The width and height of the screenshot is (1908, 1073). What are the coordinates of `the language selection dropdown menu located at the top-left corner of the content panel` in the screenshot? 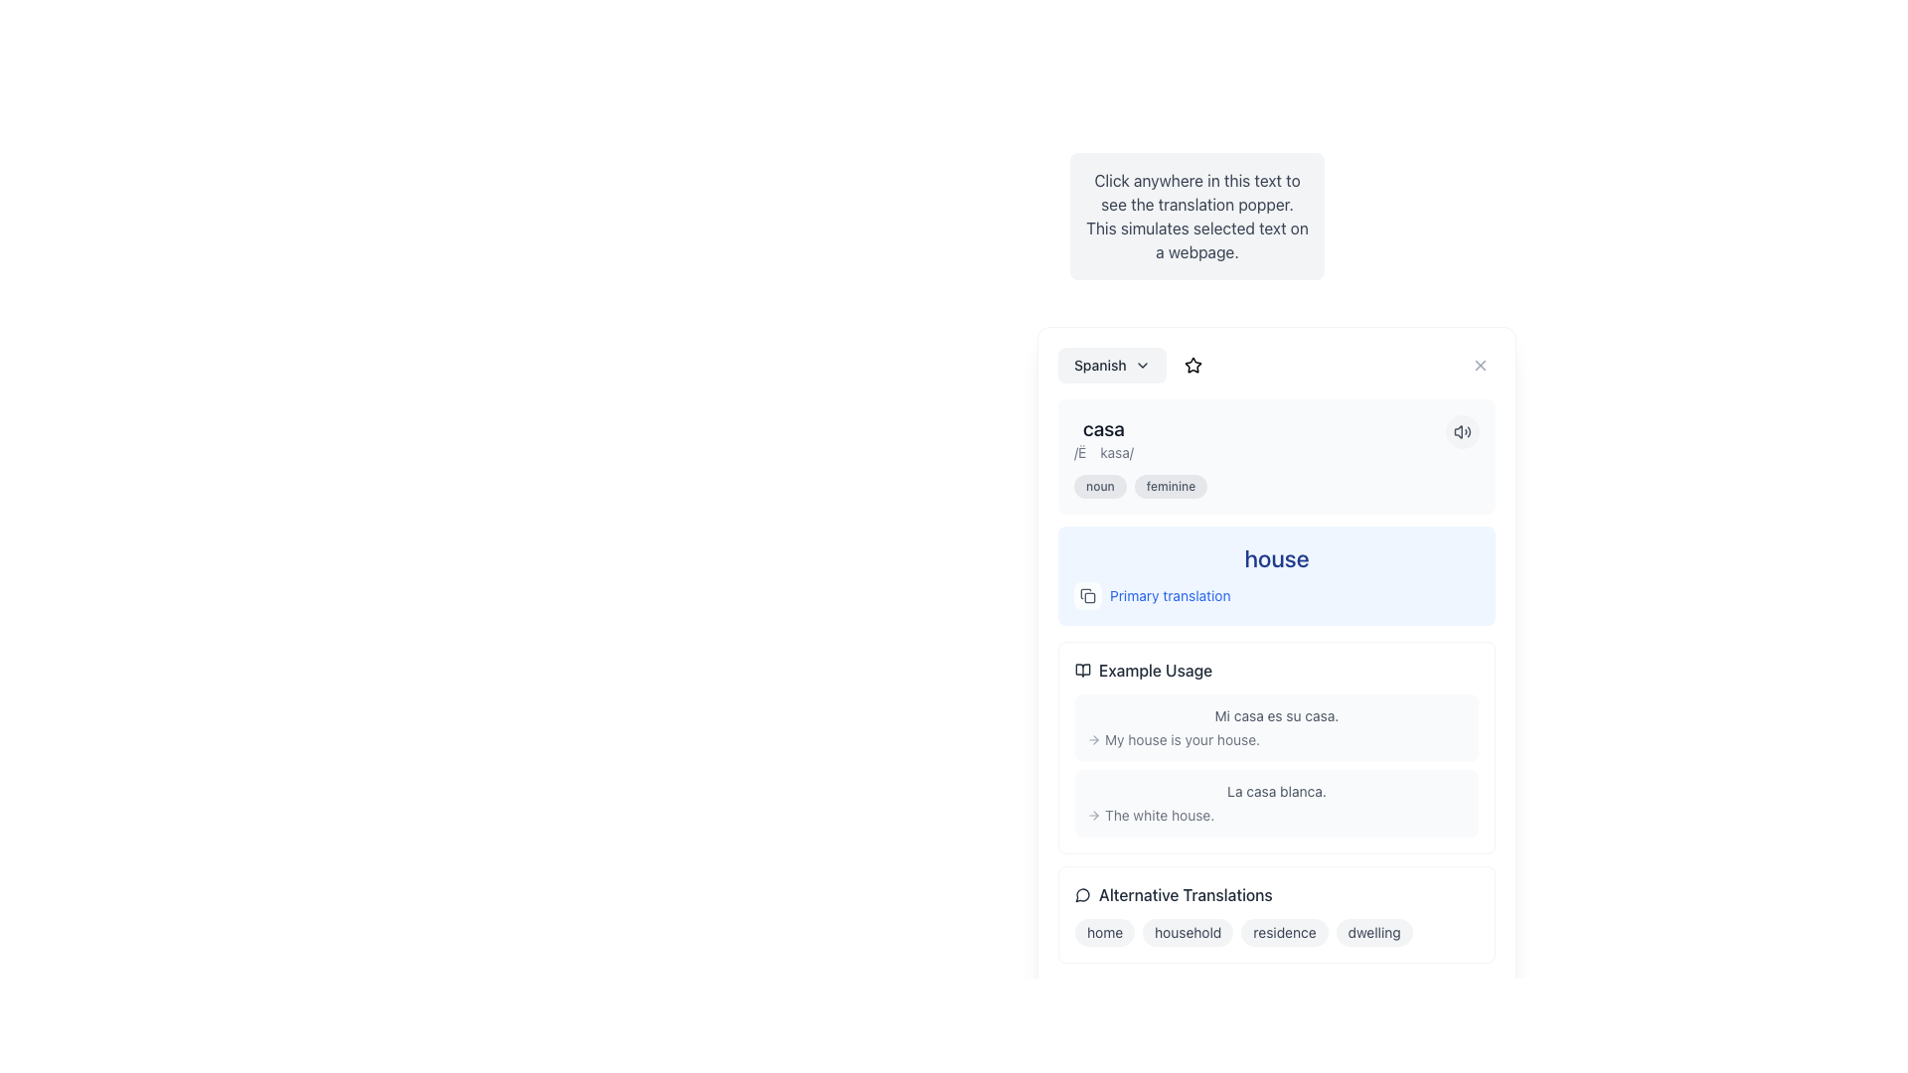 It's located at (1111, 365).